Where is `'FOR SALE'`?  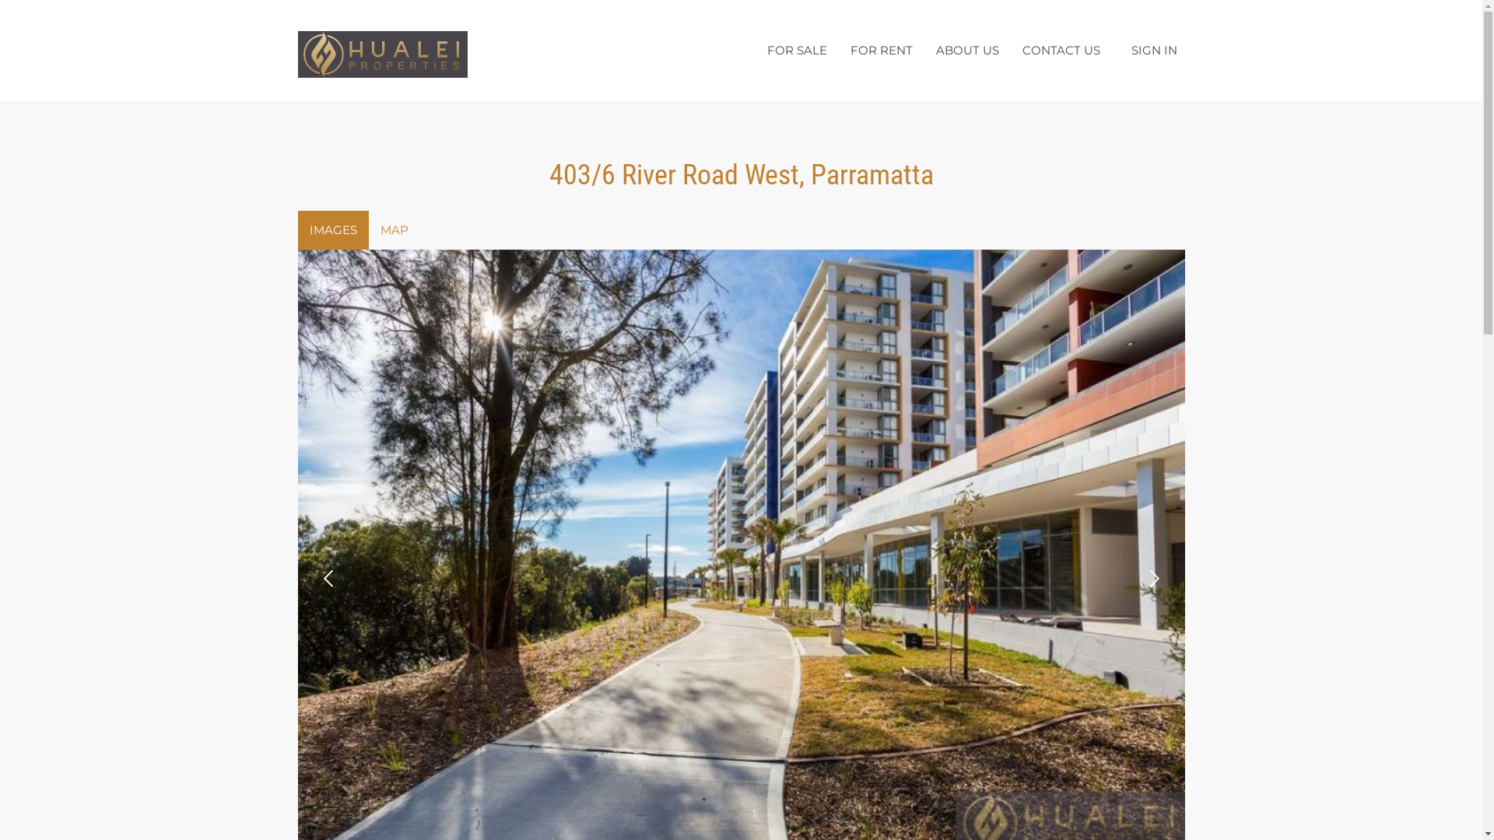
'FOR SALE' is located at coordinates (796, 49).